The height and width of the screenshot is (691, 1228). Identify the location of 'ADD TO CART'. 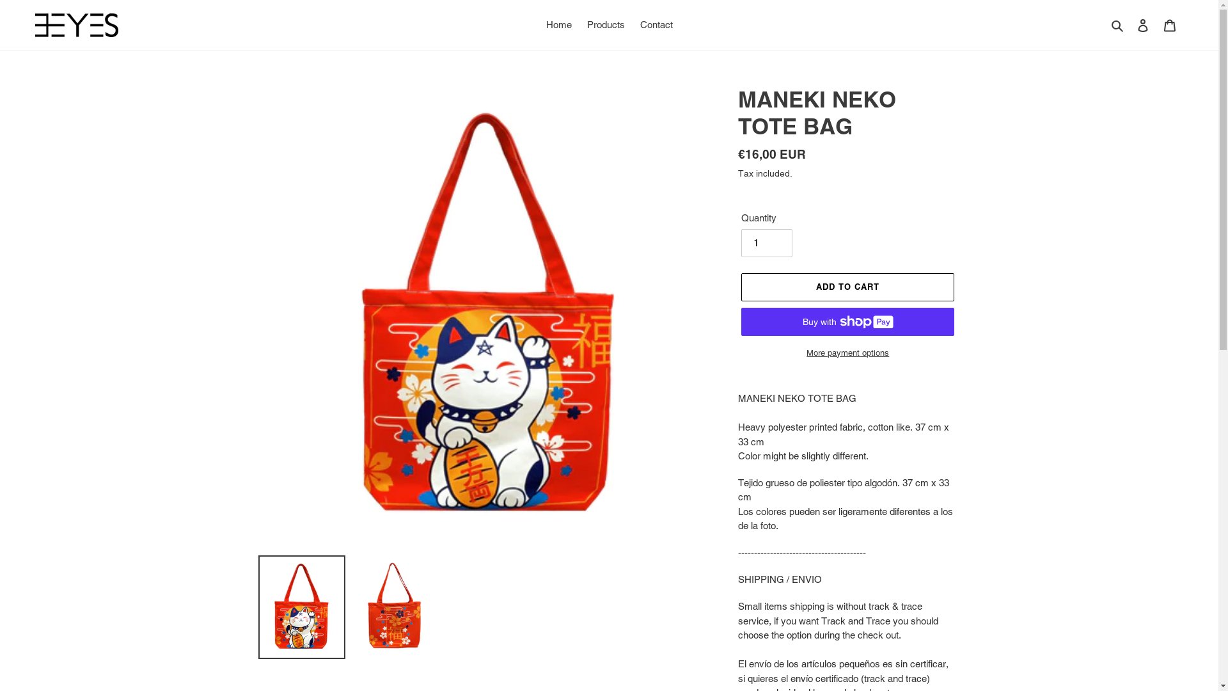
(847, 286).